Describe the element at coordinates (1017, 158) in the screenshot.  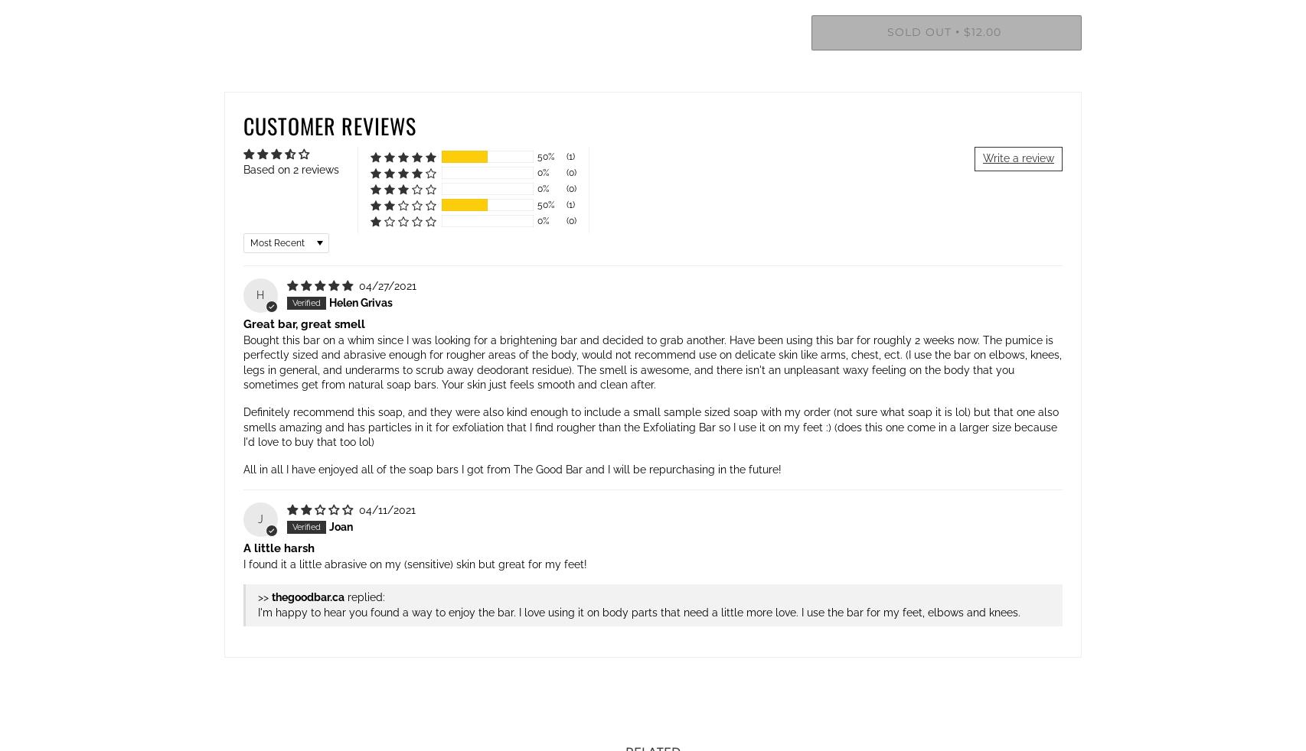
I see `'Write a review'` at that location.